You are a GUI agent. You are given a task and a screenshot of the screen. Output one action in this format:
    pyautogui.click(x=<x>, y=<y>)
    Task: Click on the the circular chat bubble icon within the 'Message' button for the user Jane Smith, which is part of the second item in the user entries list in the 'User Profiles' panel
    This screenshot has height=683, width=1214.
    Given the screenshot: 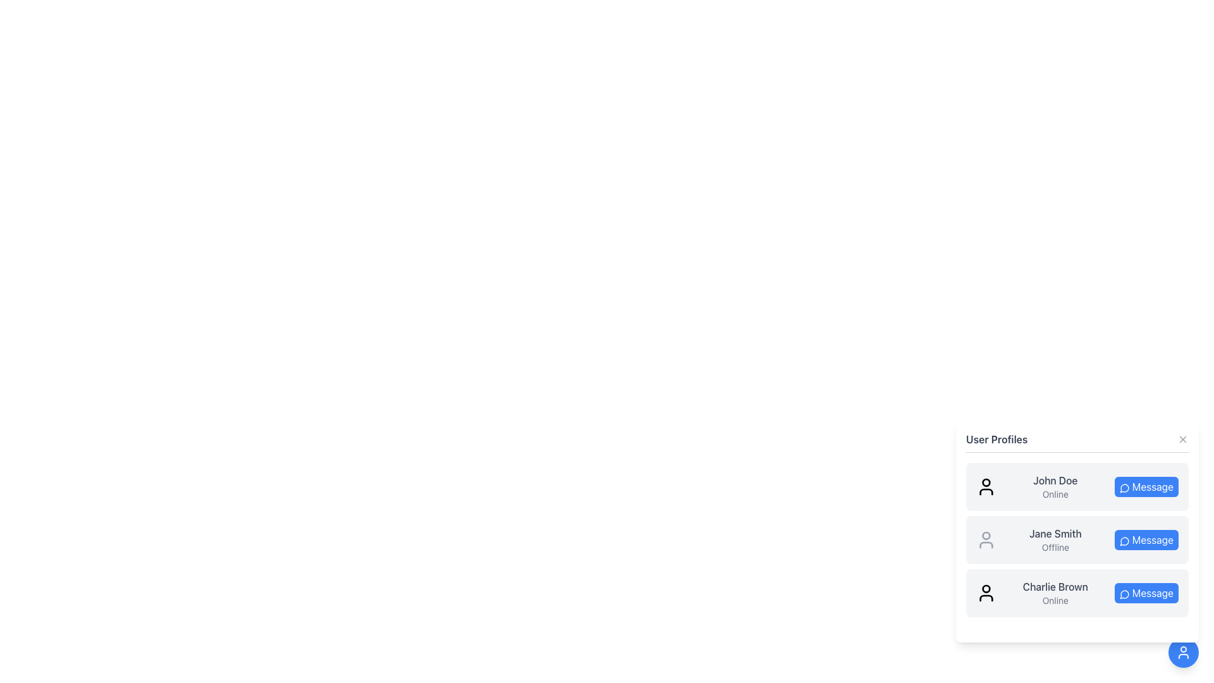 What is the action you would take?
    pyautogui.click(x=1124, y=541)
    